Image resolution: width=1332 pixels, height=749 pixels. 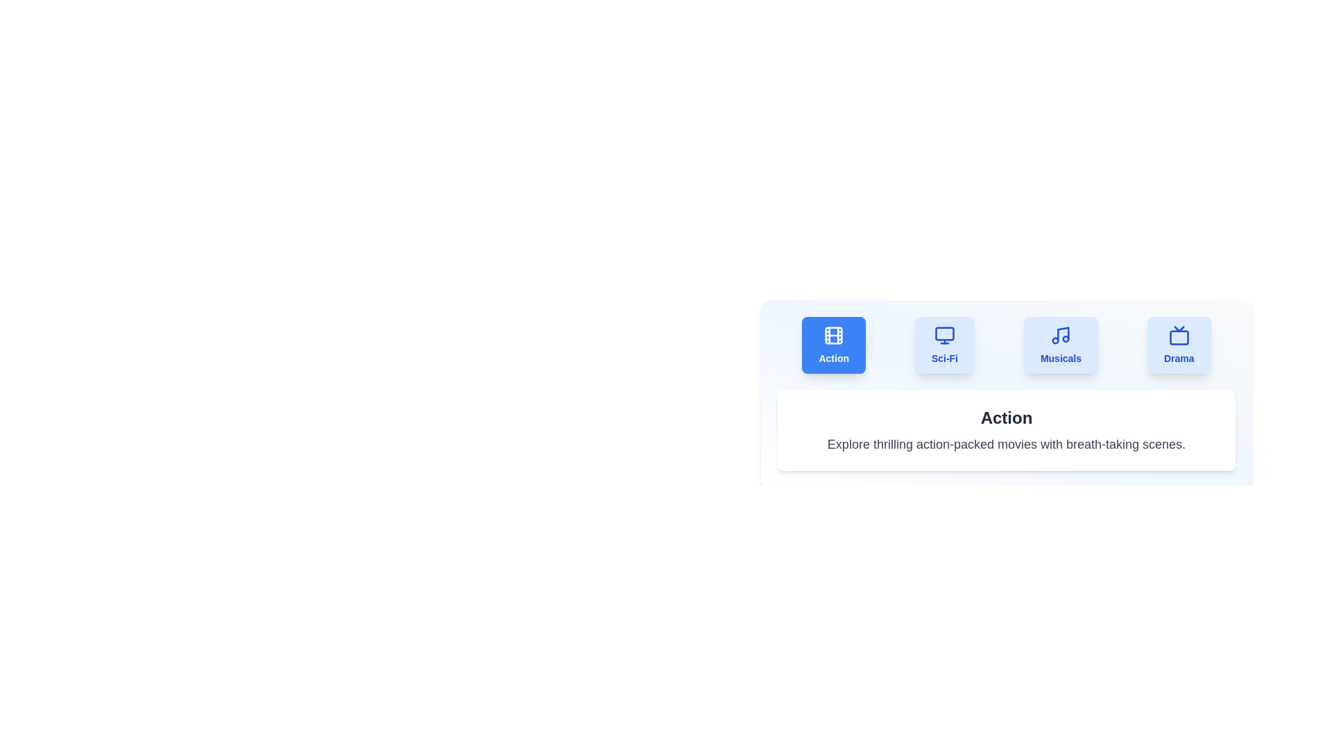 I want to click on the tab labeled 'Musicals' to observe the hover effect, so click(x=1060, y=344).